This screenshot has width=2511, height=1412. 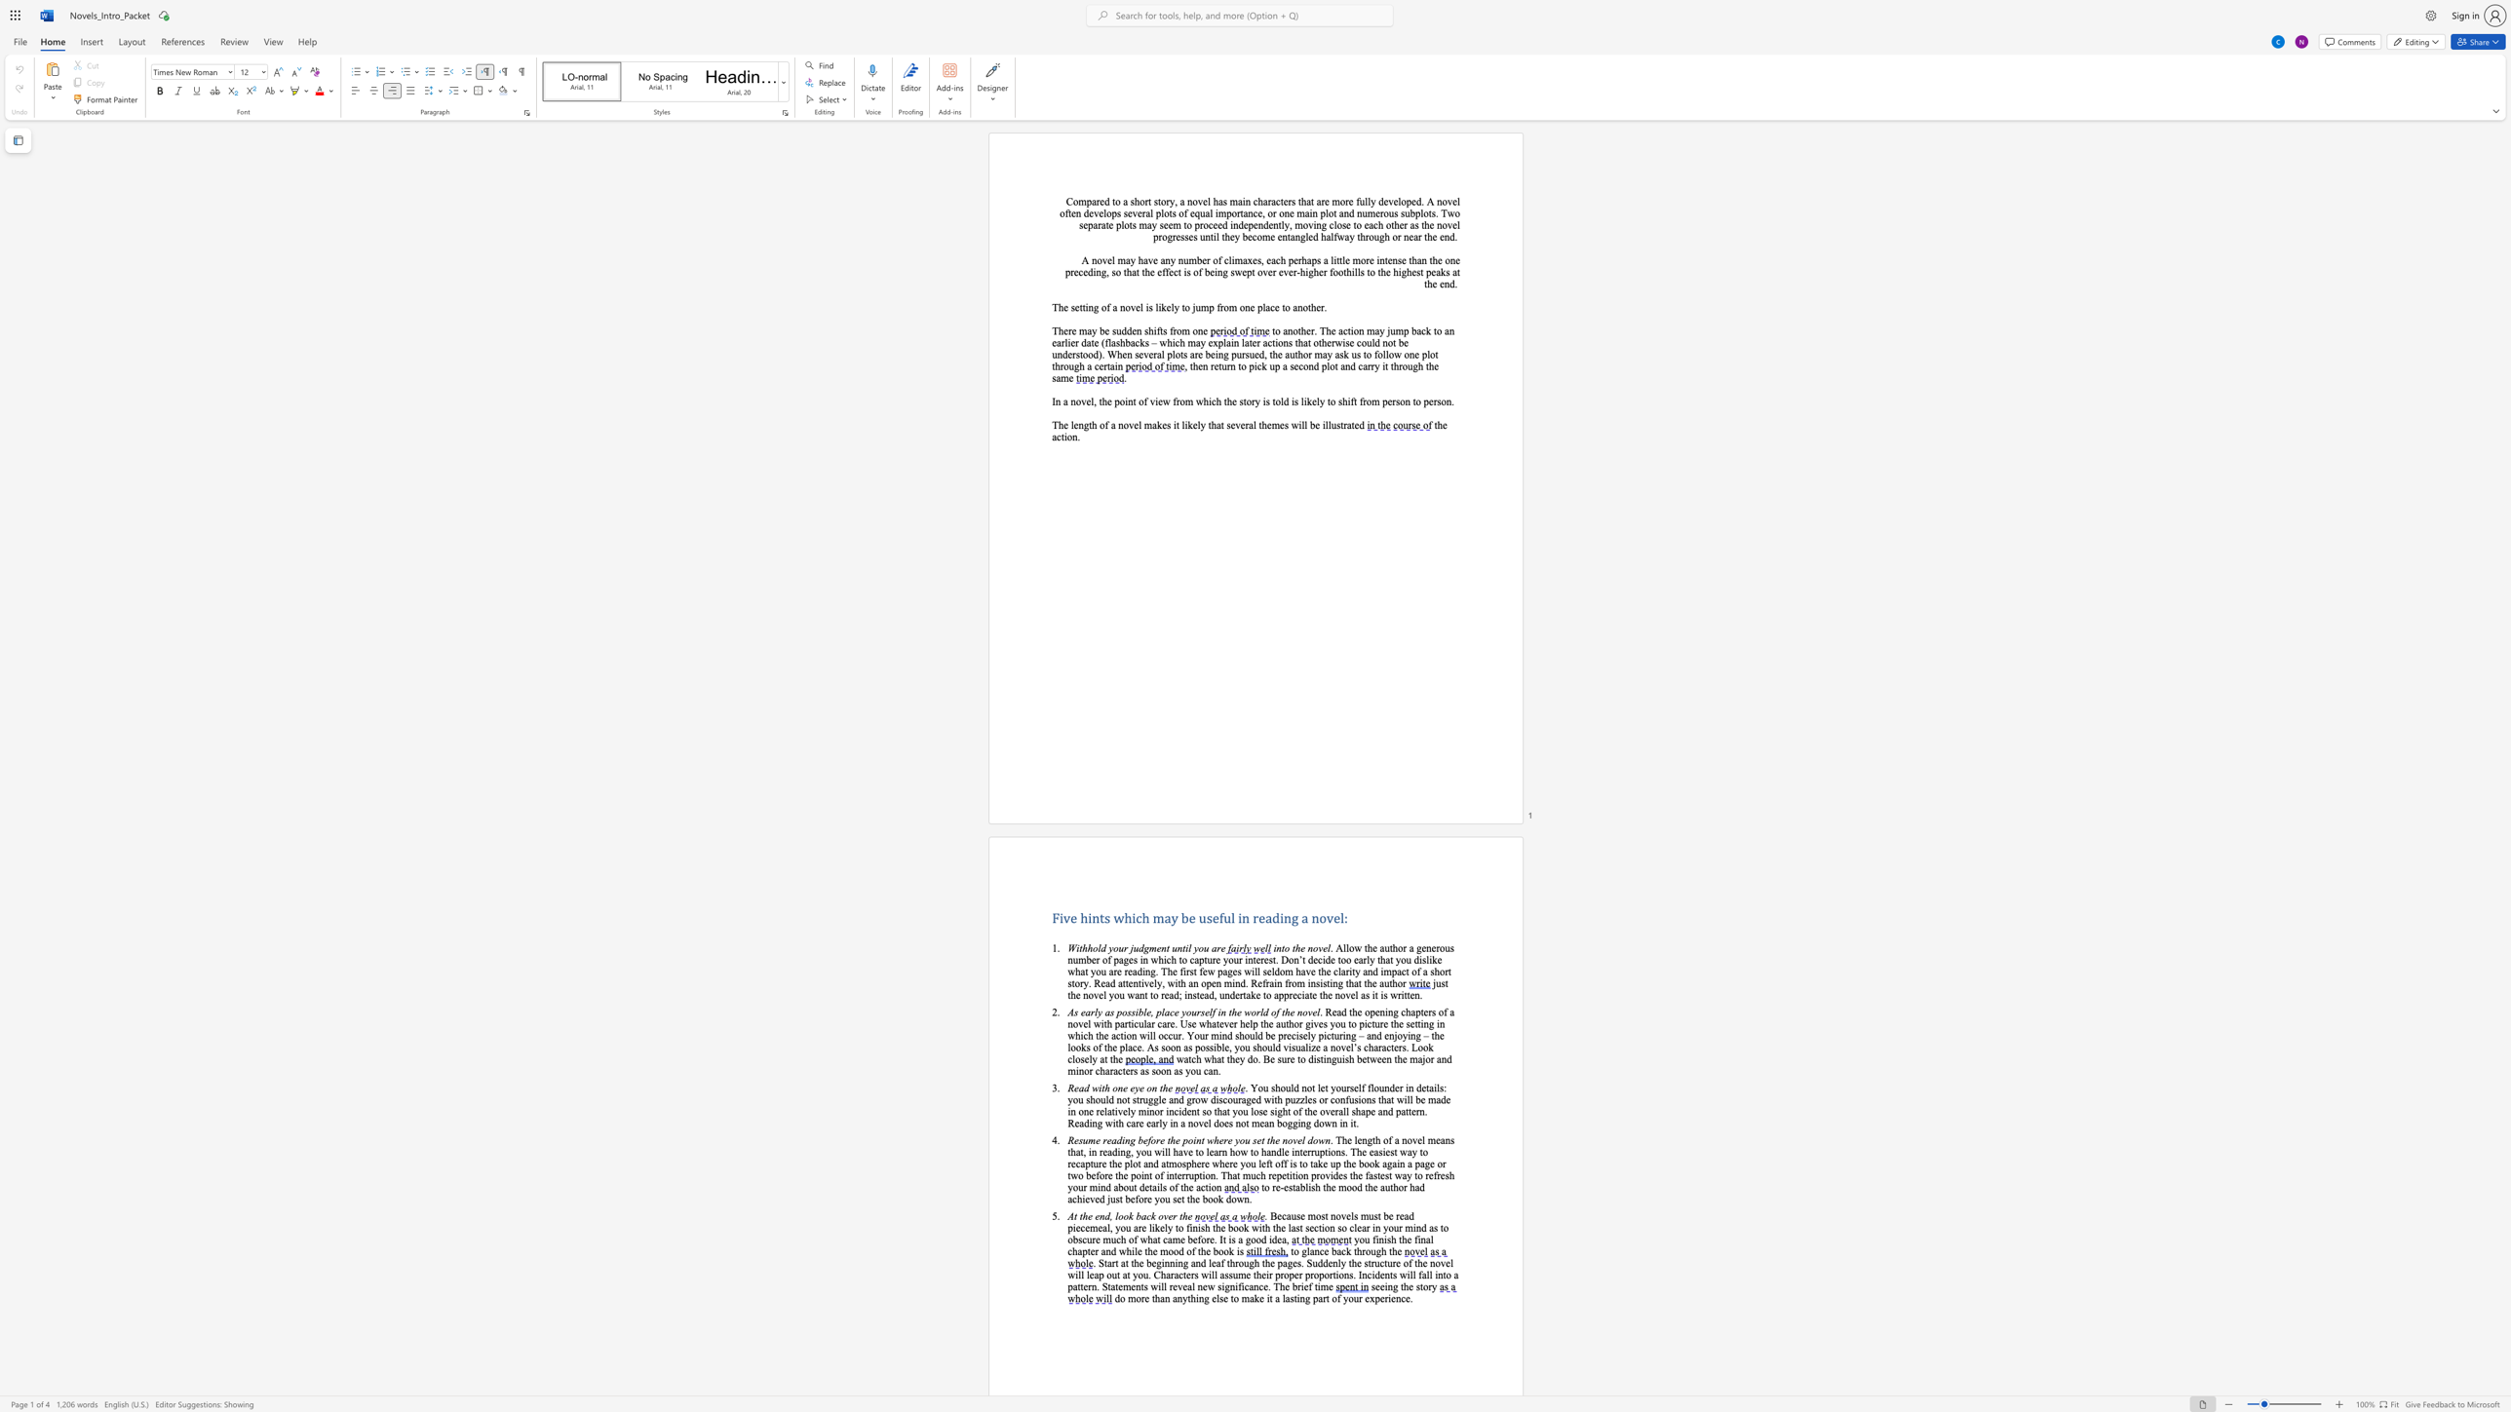 I want to click on the subset text "Your mind should be precisely picturing – and enjoying – the looks of the place. As soon as possible, you should visualize a novel’s charac" within the text ". Read the opening chapters of a novel with particular care. Use whatever help the author gives you to picture the setting in which the action will occur. Your mind should be precisely picturing – and enjoying – the looks of the place. As soon as possible, you should visualize a novel’s characters. Look closely at the", so click(x=1187, y=1035).